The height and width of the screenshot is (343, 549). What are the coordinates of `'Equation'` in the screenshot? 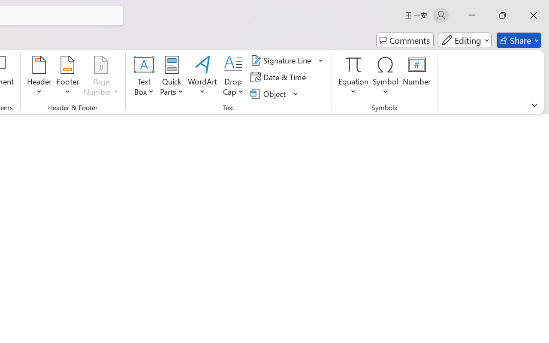 It's located at (353, 64).